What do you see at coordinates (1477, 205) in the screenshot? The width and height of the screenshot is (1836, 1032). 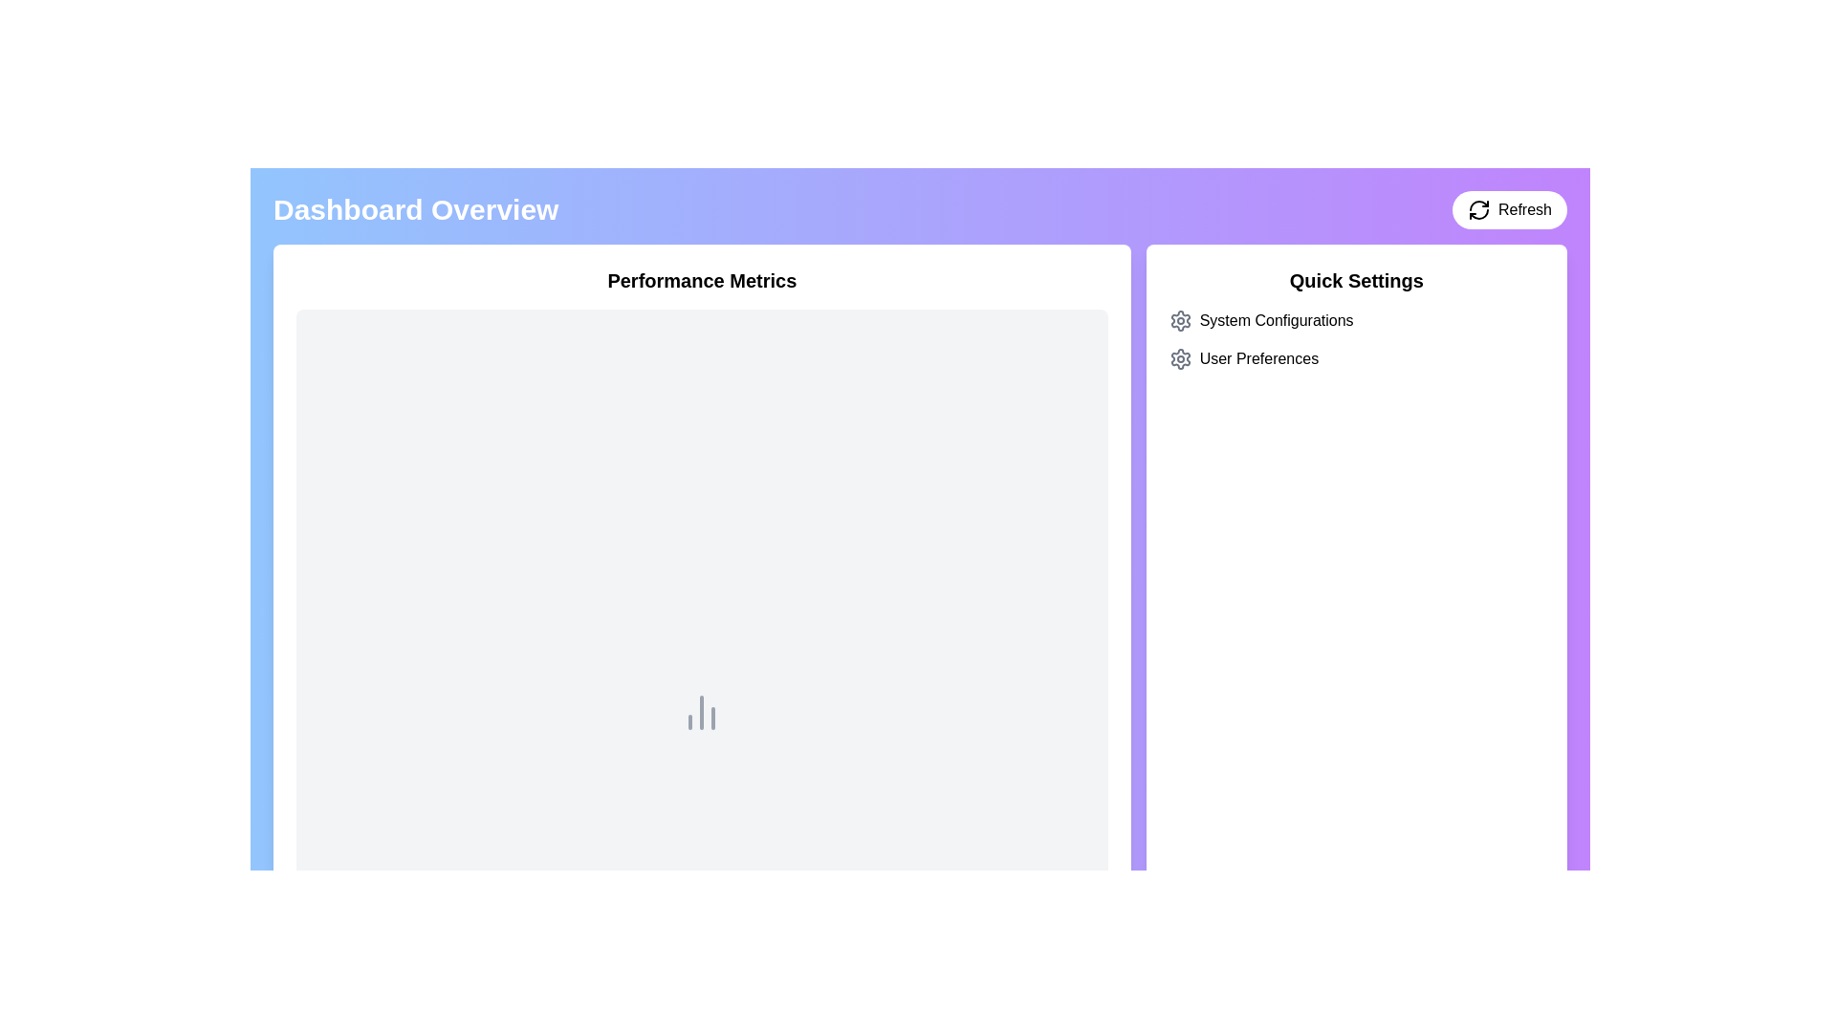 I see `the top-left segment of the circular refresh icon, which is a curved arrow-like shape part of the 'Refresh' button area` at bounding box center [1477, 205].